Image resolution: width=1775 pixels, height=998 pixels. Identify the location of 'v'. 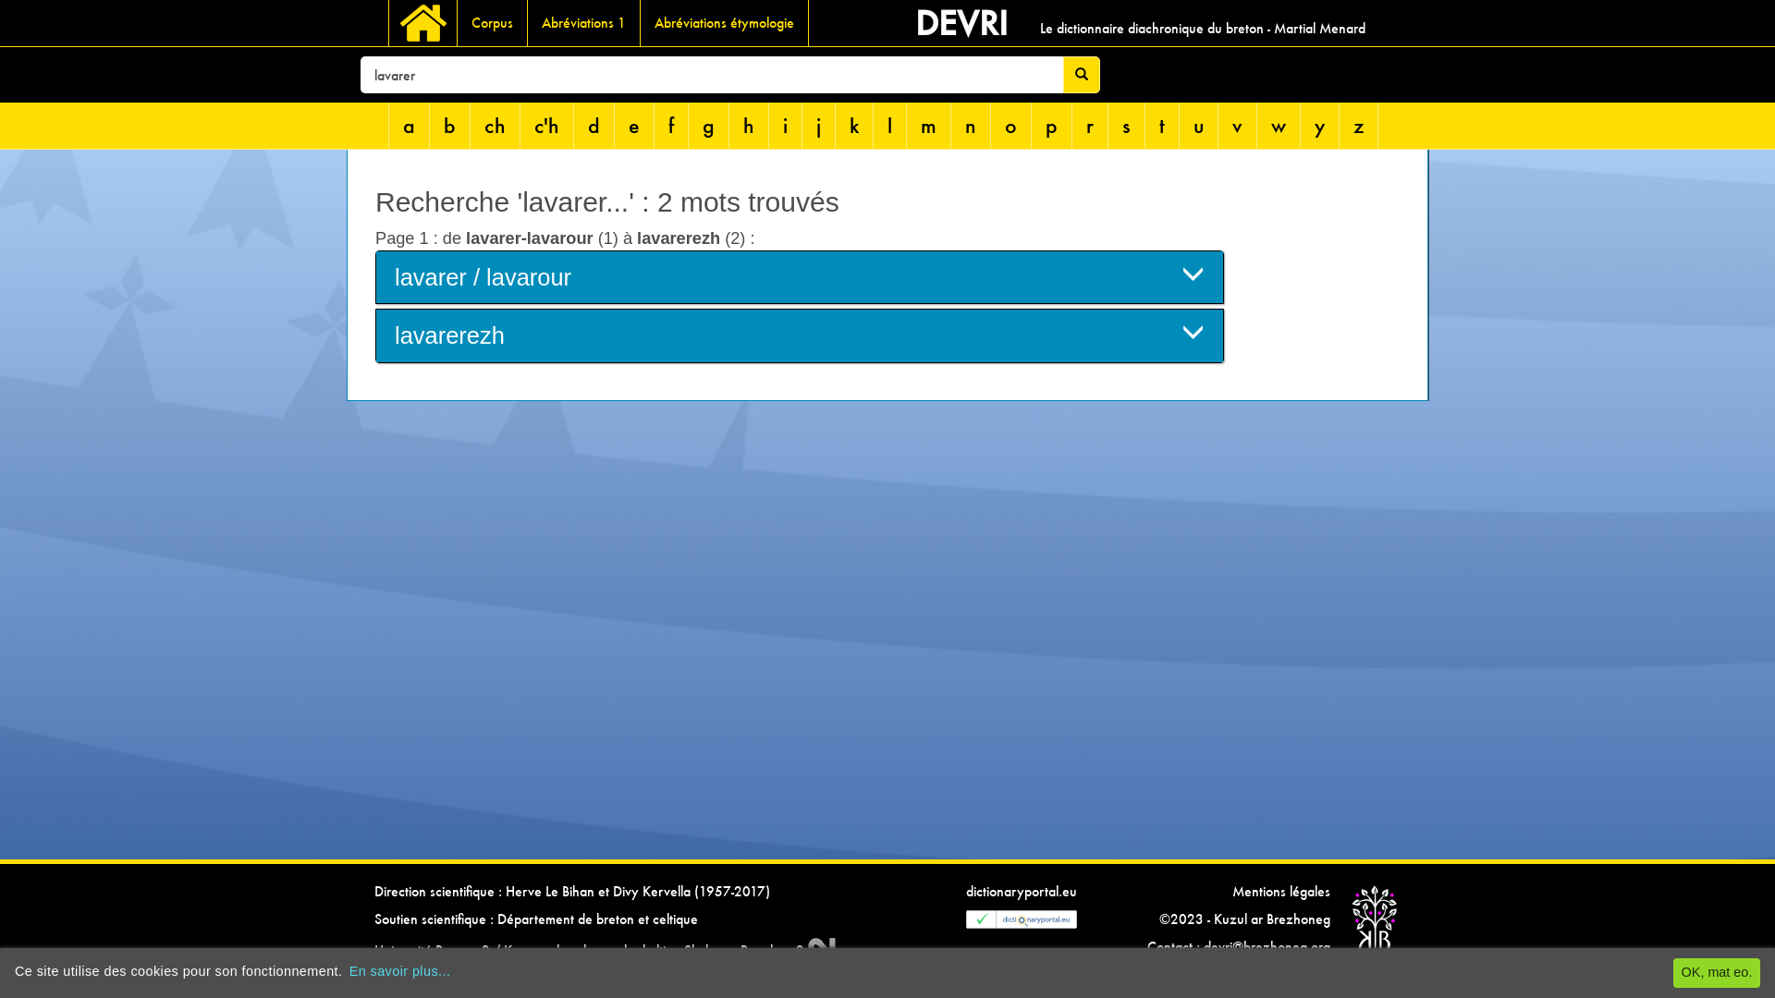
(1238, 125).